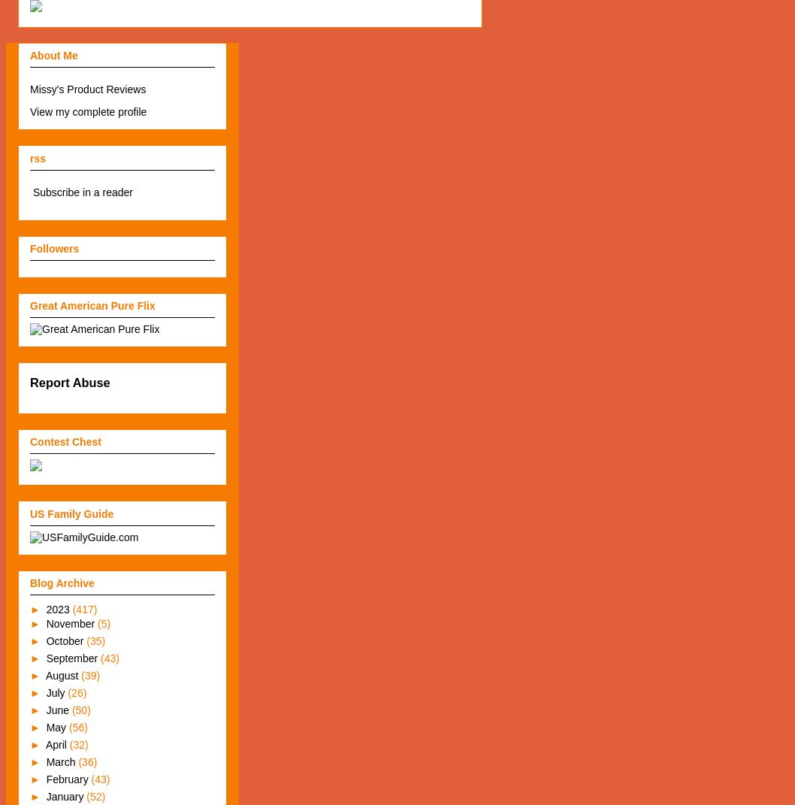  I want to click on 'October', so click(66, 641).